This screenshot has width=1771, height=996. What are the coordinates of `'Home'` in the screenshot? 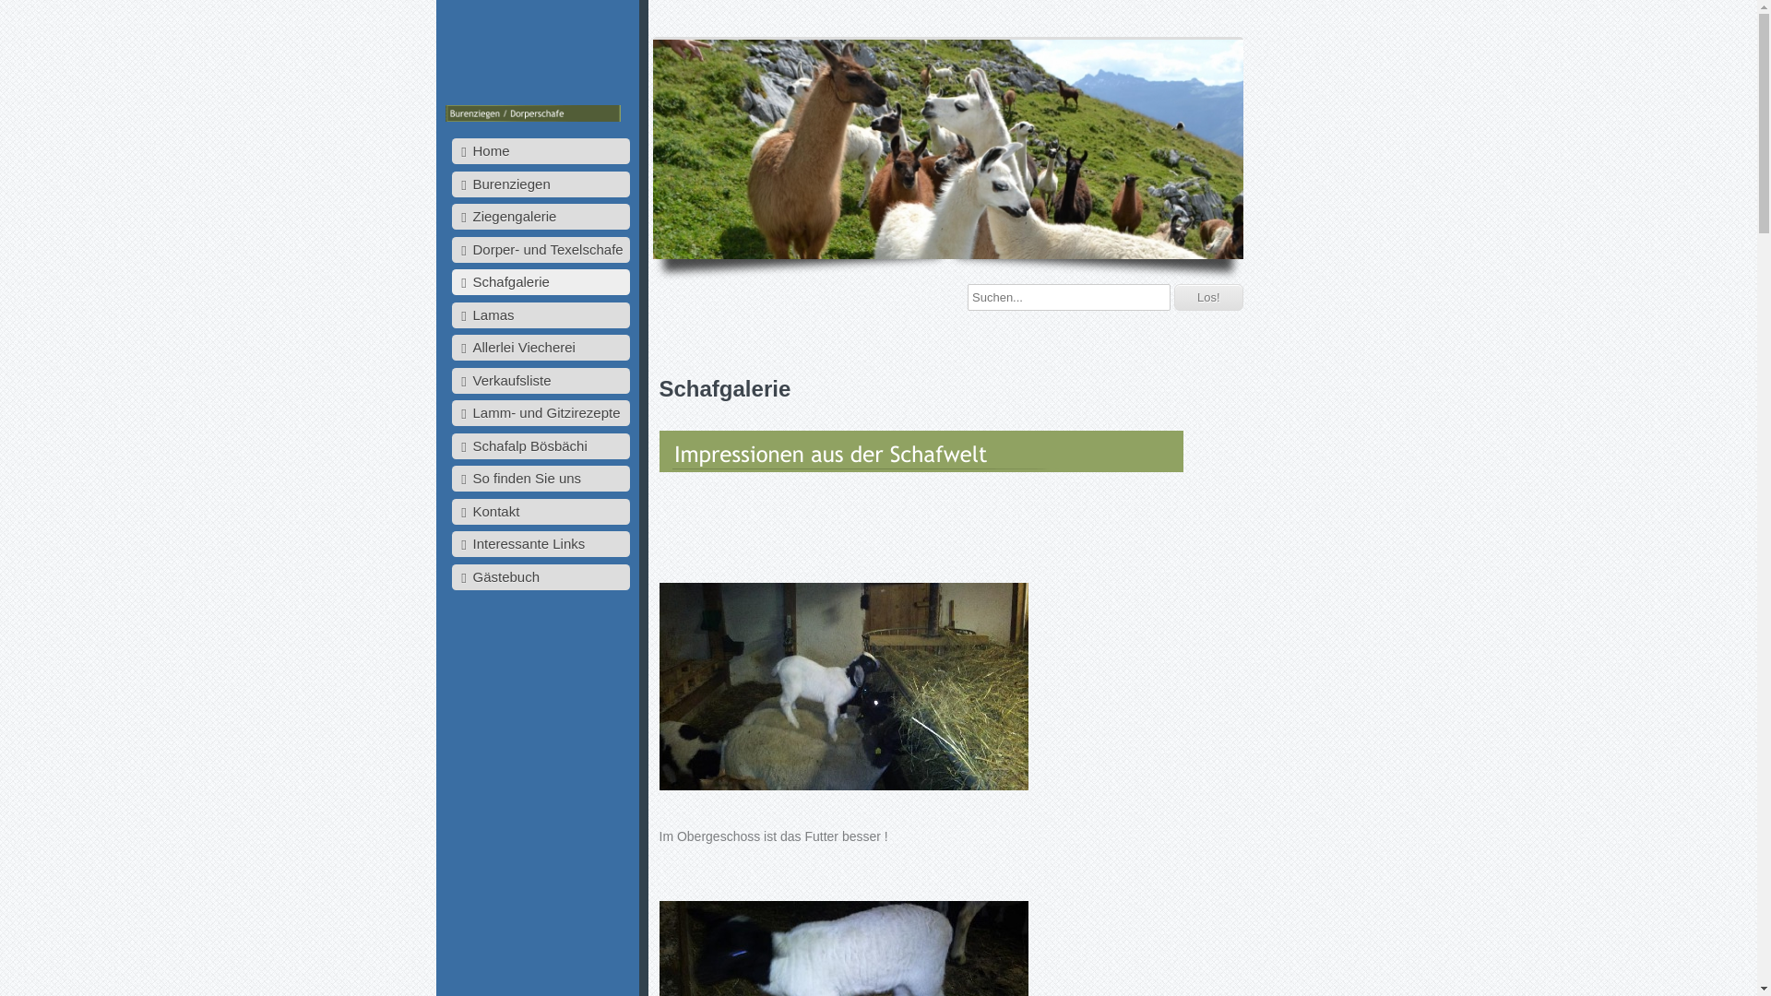 It's located at (540, 150).